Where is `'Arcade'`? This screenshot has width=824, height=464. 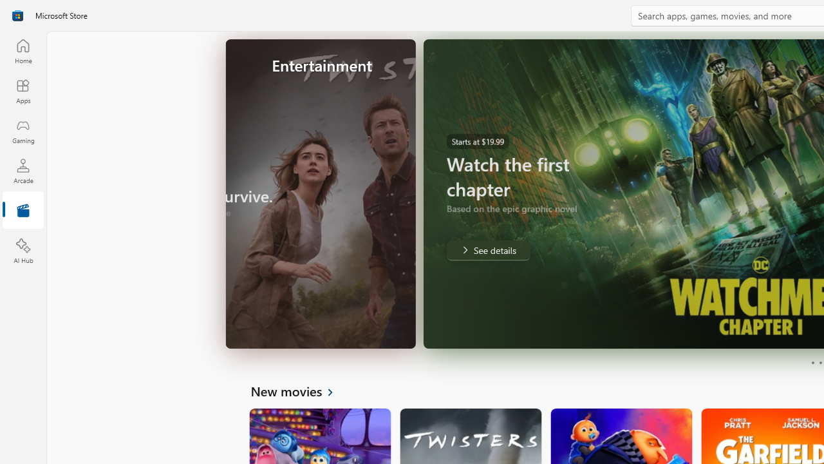
'Arcade' is located at coordinates (23, 170).